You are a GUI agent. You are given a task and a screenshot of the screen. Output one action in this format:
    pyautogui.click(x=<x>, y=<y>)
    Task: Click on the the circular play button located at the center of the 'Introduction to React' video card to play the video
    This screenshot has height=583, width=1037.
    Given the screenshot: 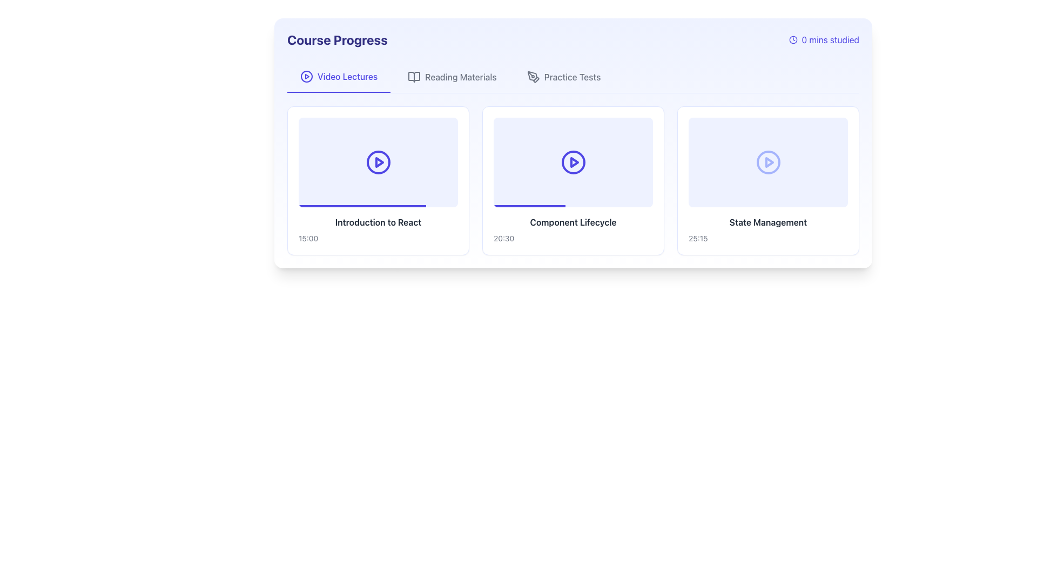 What is the action you would take?
    pyautogui.click(x=378, y=162)
    